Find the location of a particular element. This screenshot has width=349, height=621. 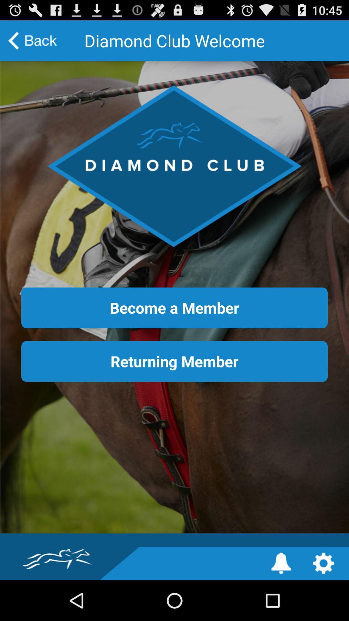

the settings is located at coordinates (323, 563).